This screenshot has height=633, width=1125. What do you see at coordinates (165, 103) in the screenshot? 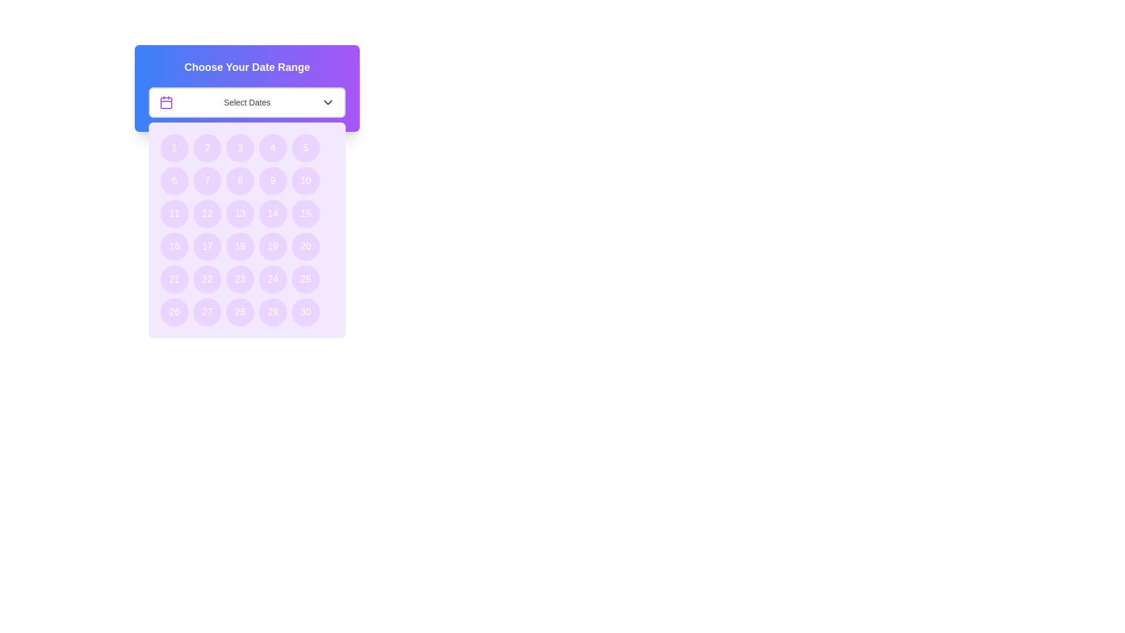
I see `the small, rounded rectangle styled with a purple hue, which is part of the calendar icon and is located to the left of the 'Select Dates' text field` at bounding box center [165, 103].